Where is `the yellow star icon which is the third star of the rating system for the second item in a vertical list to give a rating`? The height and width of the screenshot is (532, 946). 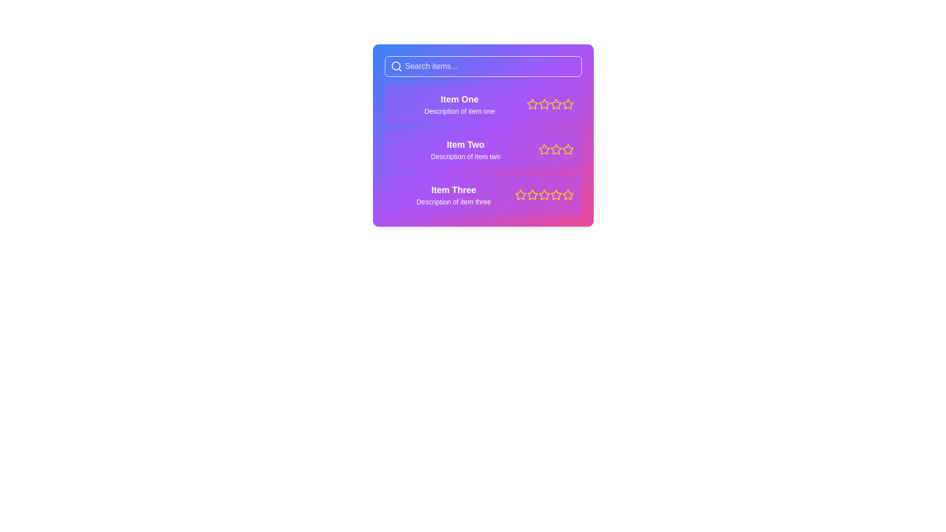
the yellow star icon which is the third star of the rating system for the second item in a vertical list to give a rating is located at coordinates (556, 150).